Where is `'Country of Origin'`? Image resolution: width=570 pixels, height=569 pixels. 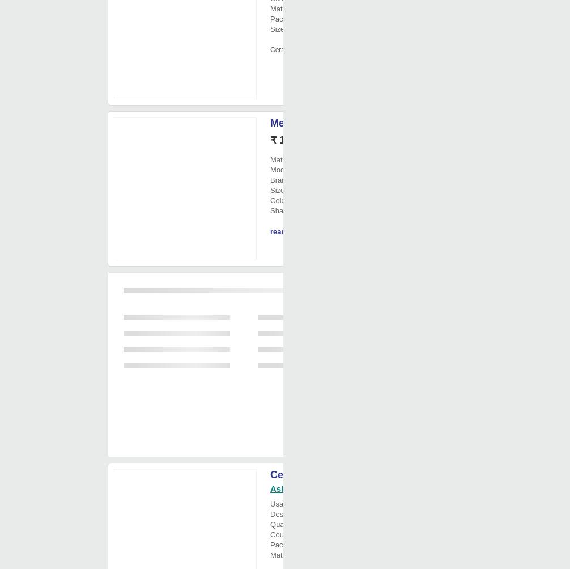
'Country of Origin' is located at coordinates (298, 534).